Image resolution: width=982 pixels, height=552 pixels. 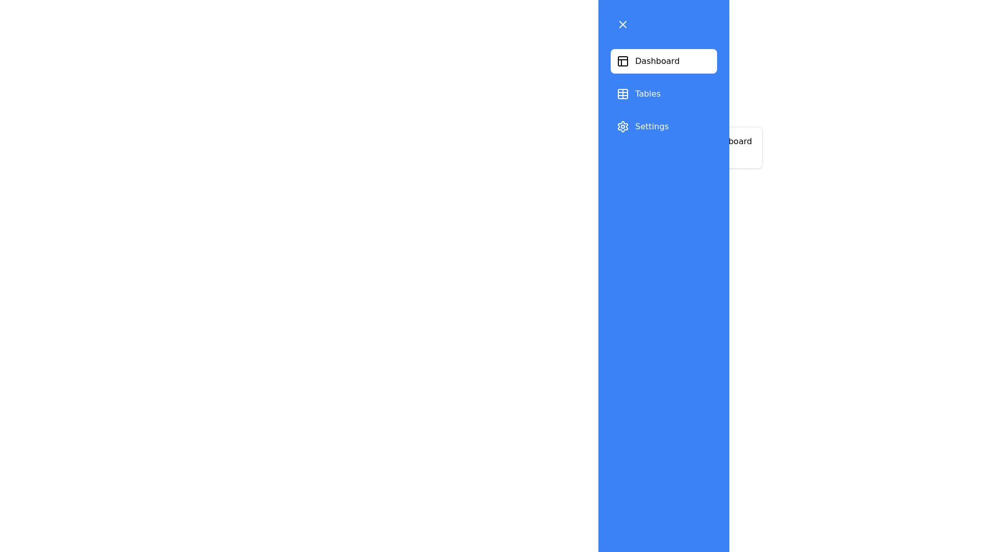 What do you see at coordinates (663, 61) in the screenshot?
I see `the section labeled 'Dashboard' to observe the hover effect` at bounding box center [663, 61].